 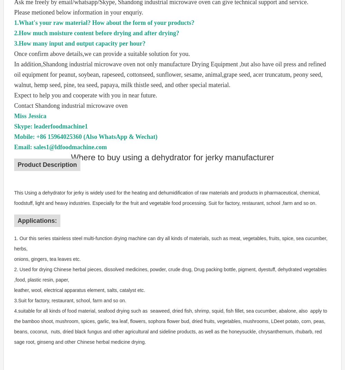 What do you see at coordinates (37, 220) in the screenshot?
I see `'Applications:'` at bounding box center [37, 220].